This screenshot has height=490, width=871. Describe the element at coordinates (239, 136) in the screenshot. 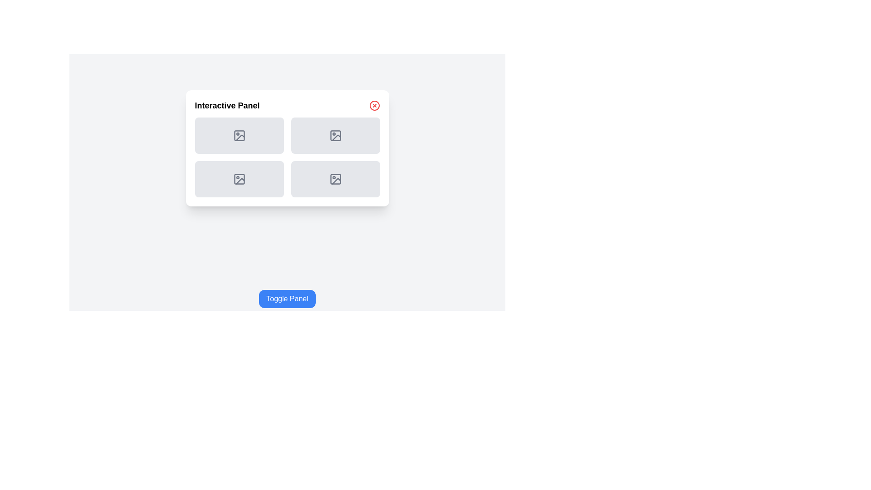

I see `the gray icon representing an image outline, featuring a sun and mountain design, located in the top-left quadrant of a square gray button within the 'Interactive Panel'` at that location.